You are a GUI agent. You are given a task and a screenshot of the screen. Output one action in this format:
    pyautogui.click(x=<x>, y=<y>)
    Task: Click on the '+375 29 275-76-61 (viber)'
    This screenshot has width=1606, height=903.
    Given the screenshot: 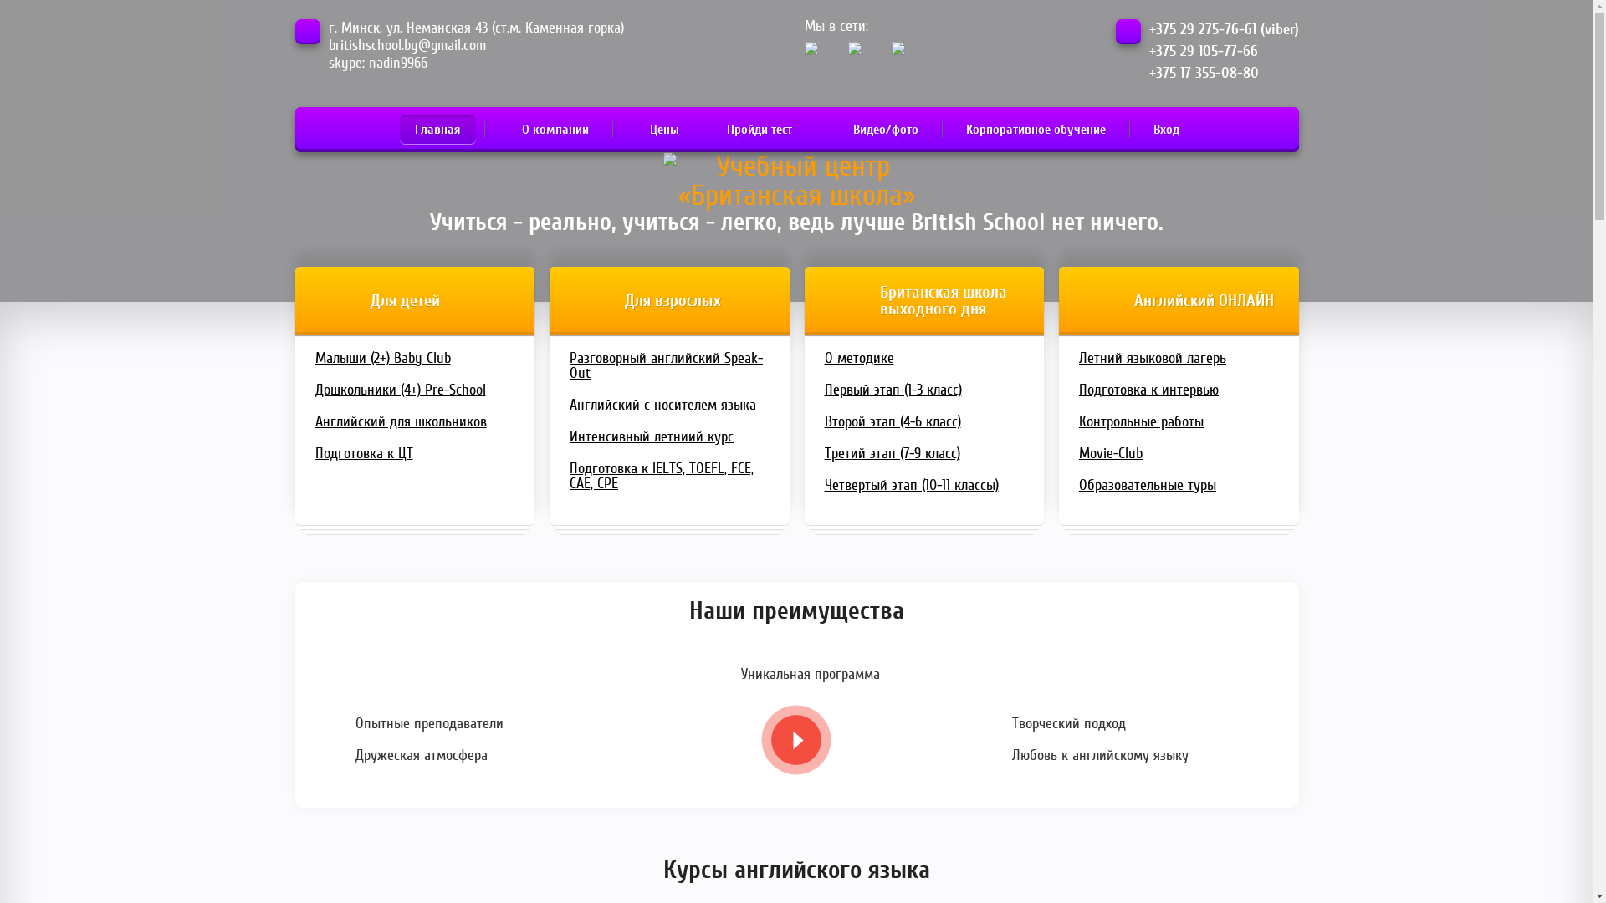 What is the action you would take?
    pyautogui.click(x=1224, y=29)
    